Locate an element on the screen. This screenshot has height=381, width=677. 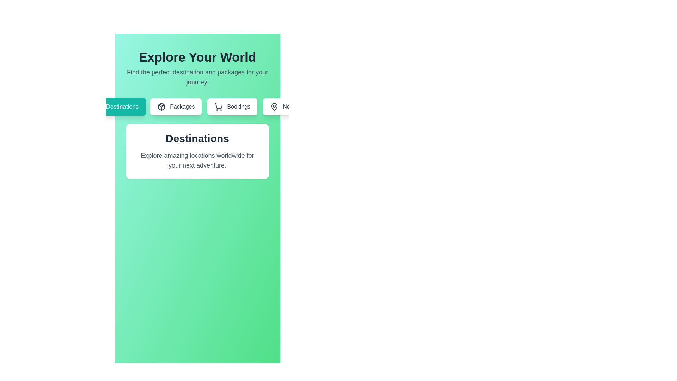
the tab labeled 'Bookings' to navigate to the respective section is located at coordinates (232, 107).